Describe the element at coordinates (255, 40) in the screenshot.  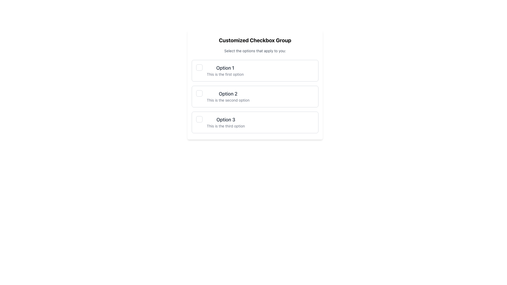
I see `the bold text label located at the top of the checkbox group, which serves as a title and has a larger font size emphasizing its importance` at that location.